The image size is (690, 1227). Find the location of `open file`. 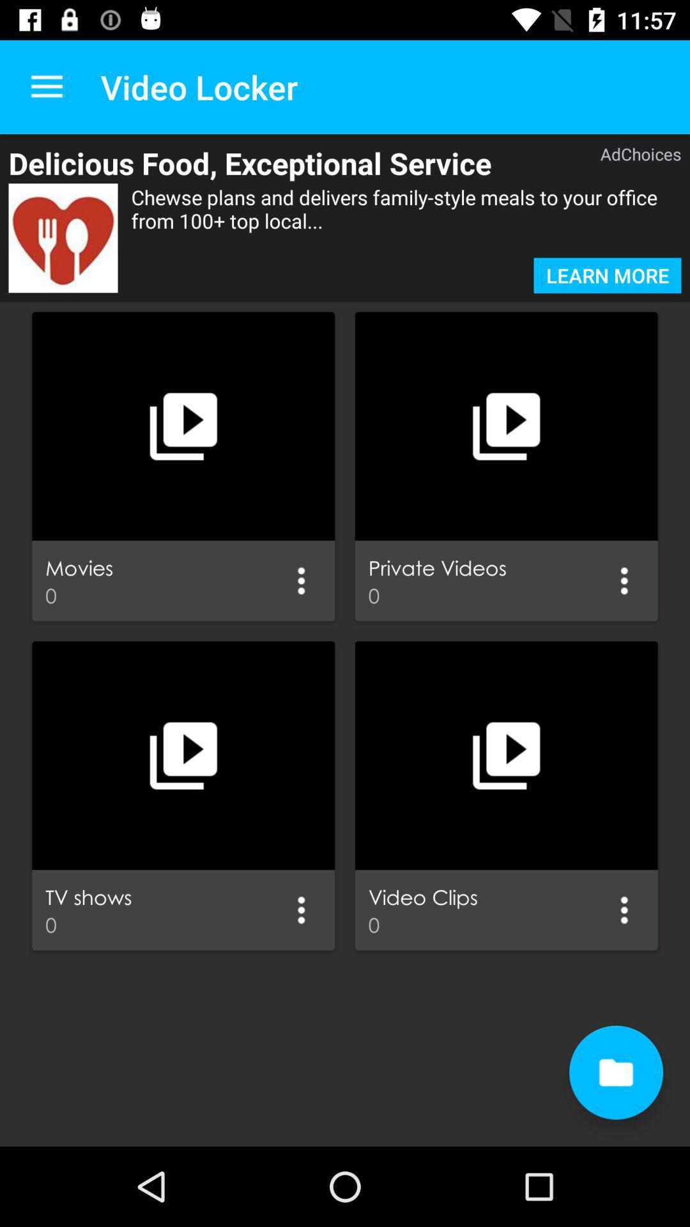

open file is located at coordinates (615, 1072).